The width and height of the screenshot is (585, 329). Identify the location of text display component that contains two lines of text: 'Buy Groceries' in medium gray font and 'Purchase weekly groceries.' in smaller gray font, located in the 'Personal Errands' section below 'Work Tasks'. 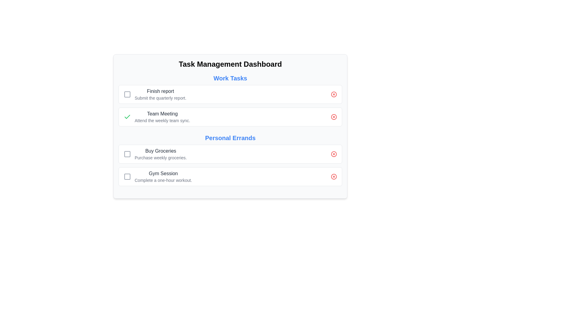
(161, 154).